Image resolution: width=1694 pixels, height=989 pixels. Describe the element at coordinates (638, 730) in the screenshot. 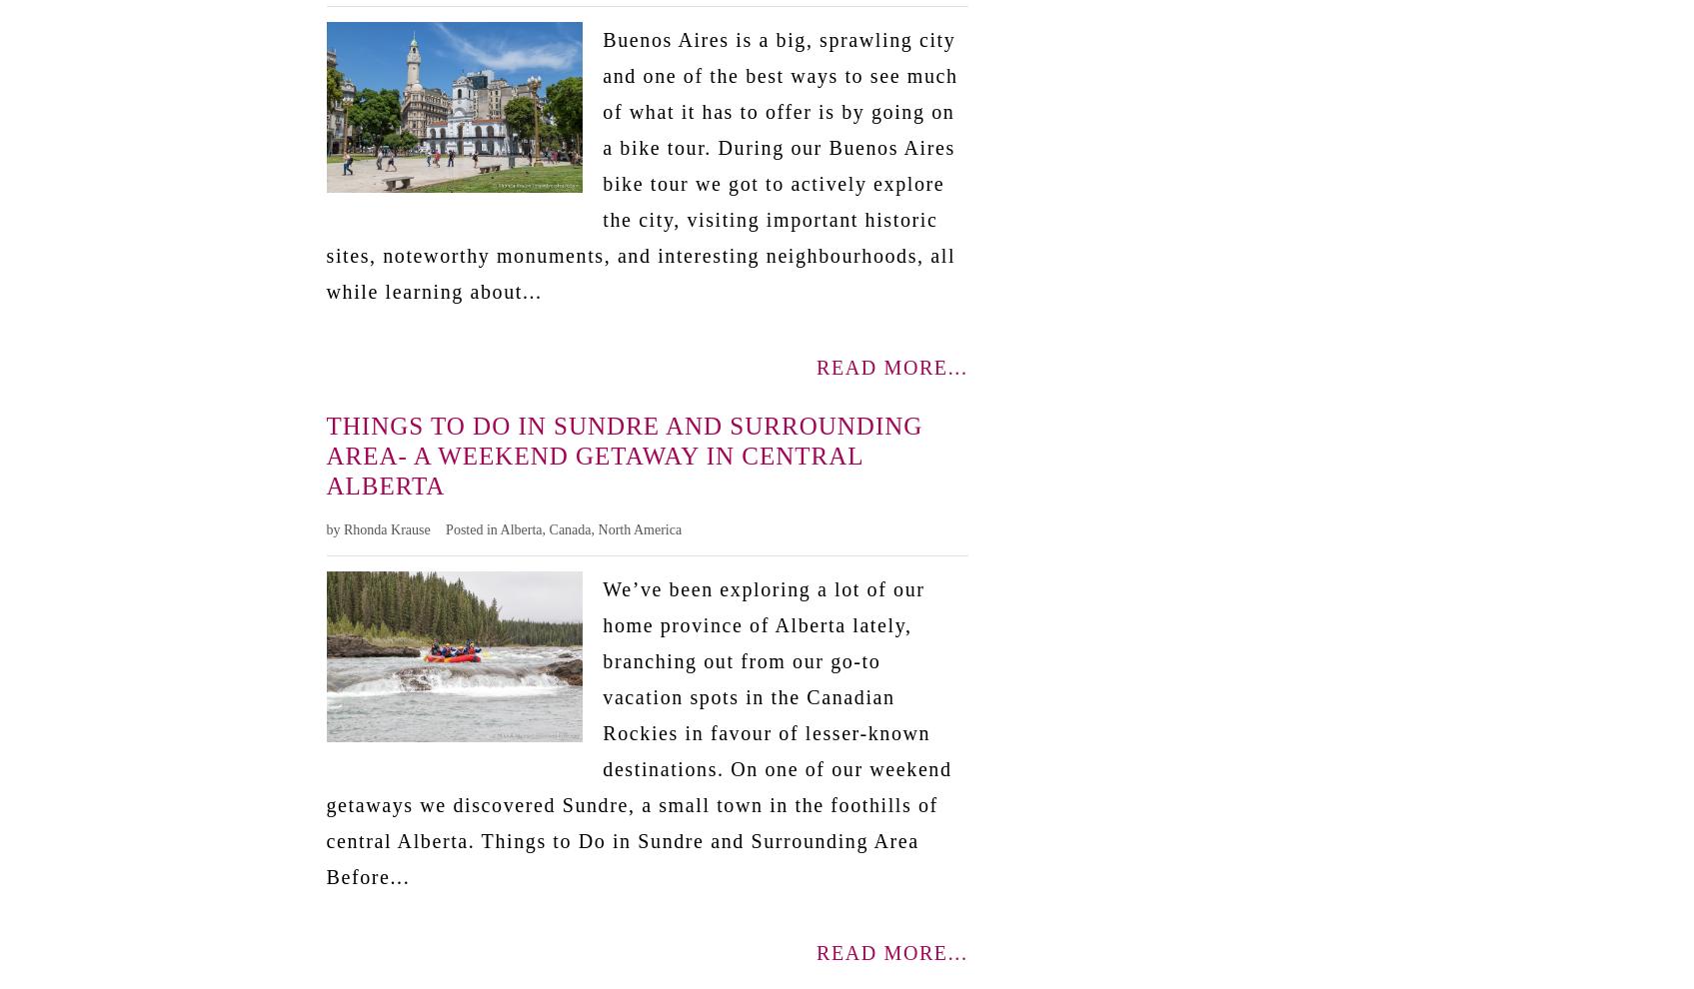

I see `'We’ve been exploring a lot of our home province of Alberta lately, branching out from our go-to vacation spots in the Canadian Rockies in favour of lesser-known destinations. On one of our weekend getaways we discovered Sundre, a small town in the foothills of central Alberta. Things to Do in Sundre and Surrounding Area Before...'` at that location.